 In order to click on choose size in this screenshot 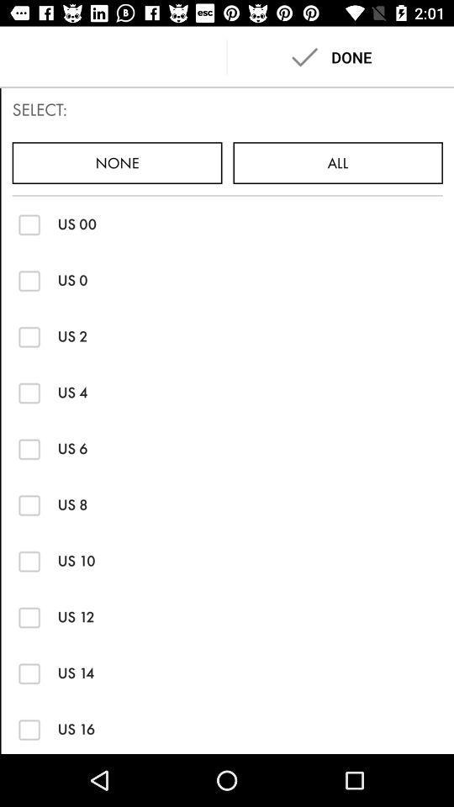, I will do `click(29, 280)`.